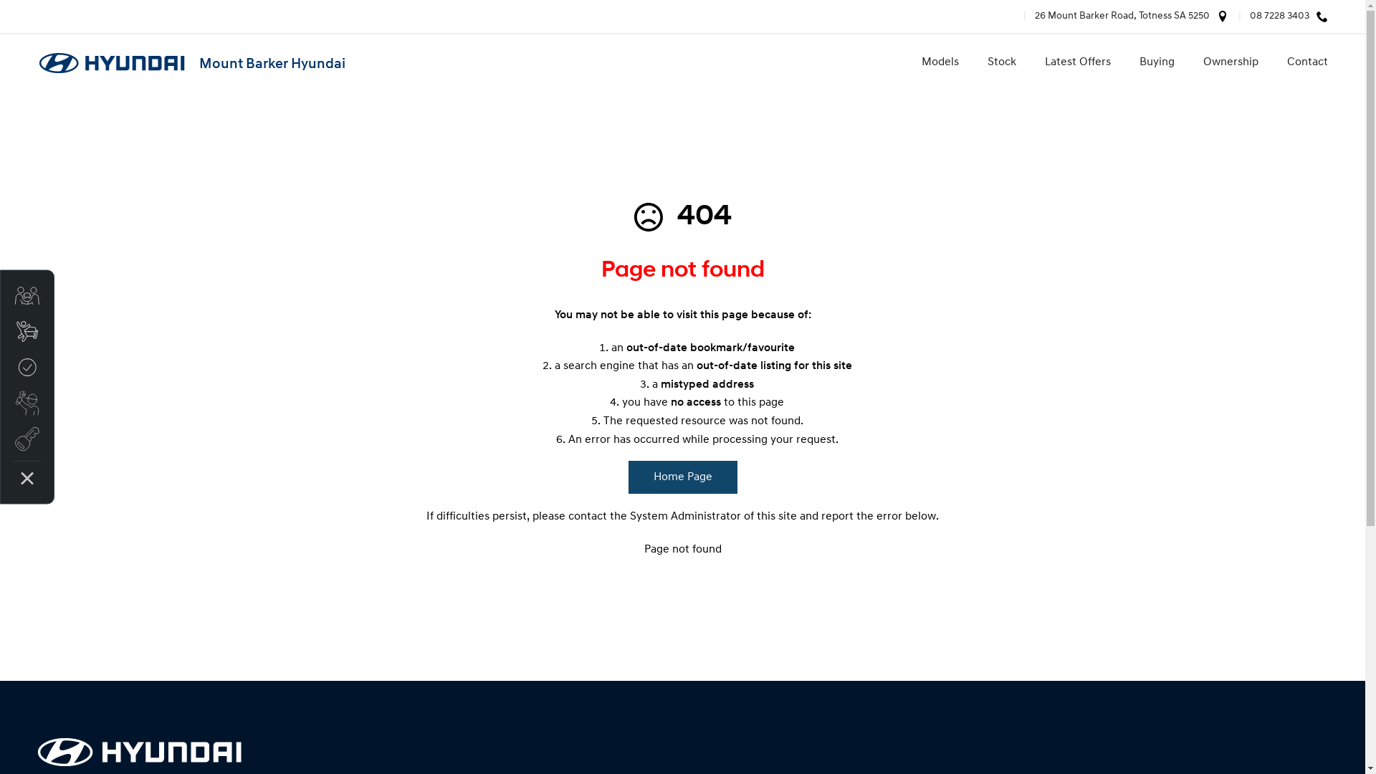 This screenshot has width=1376, height=774. Describe the element at coordinates (1030, 62) in the screenshot. I see `'Latest Offers'` at that location.